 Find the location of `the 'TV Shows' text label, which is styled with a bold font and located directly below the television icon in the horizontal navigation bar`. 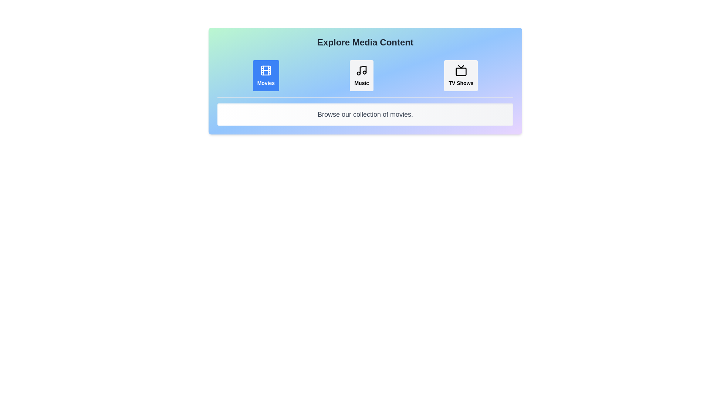

the 'TV Shows' text label, which is styled with a bold font and located directly below the television icon in the horizontal navigation bar is located at coordinates (460, 83).